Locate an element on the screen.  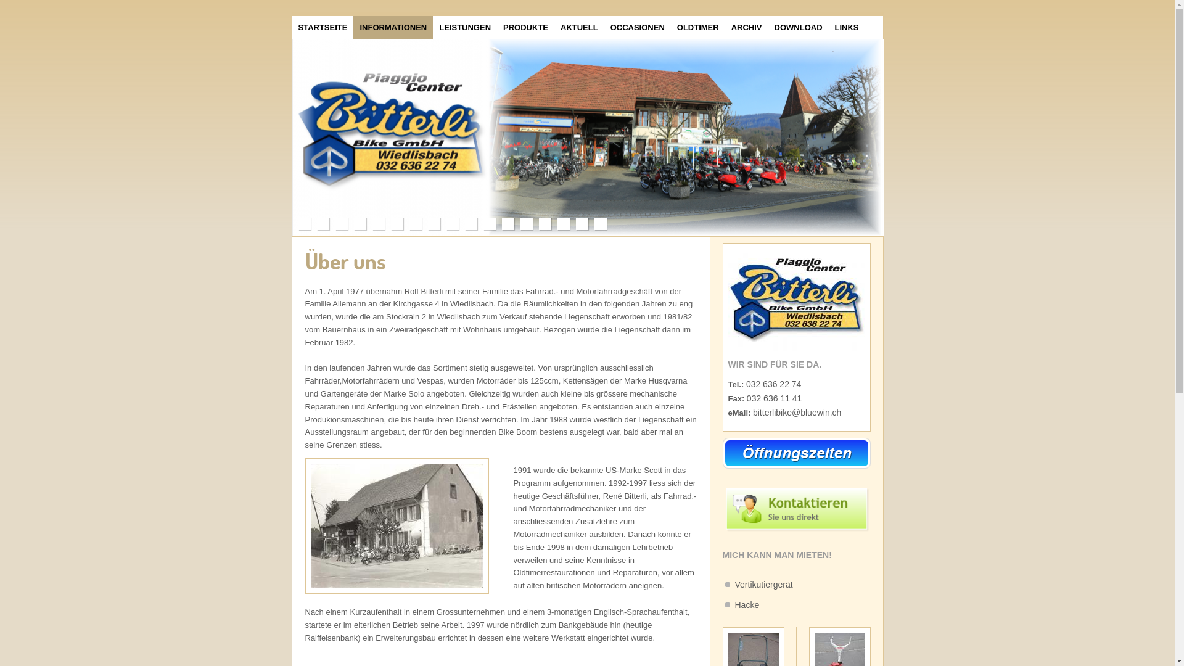
'LEISTUNGEN' is located at coordinates (432, 27).